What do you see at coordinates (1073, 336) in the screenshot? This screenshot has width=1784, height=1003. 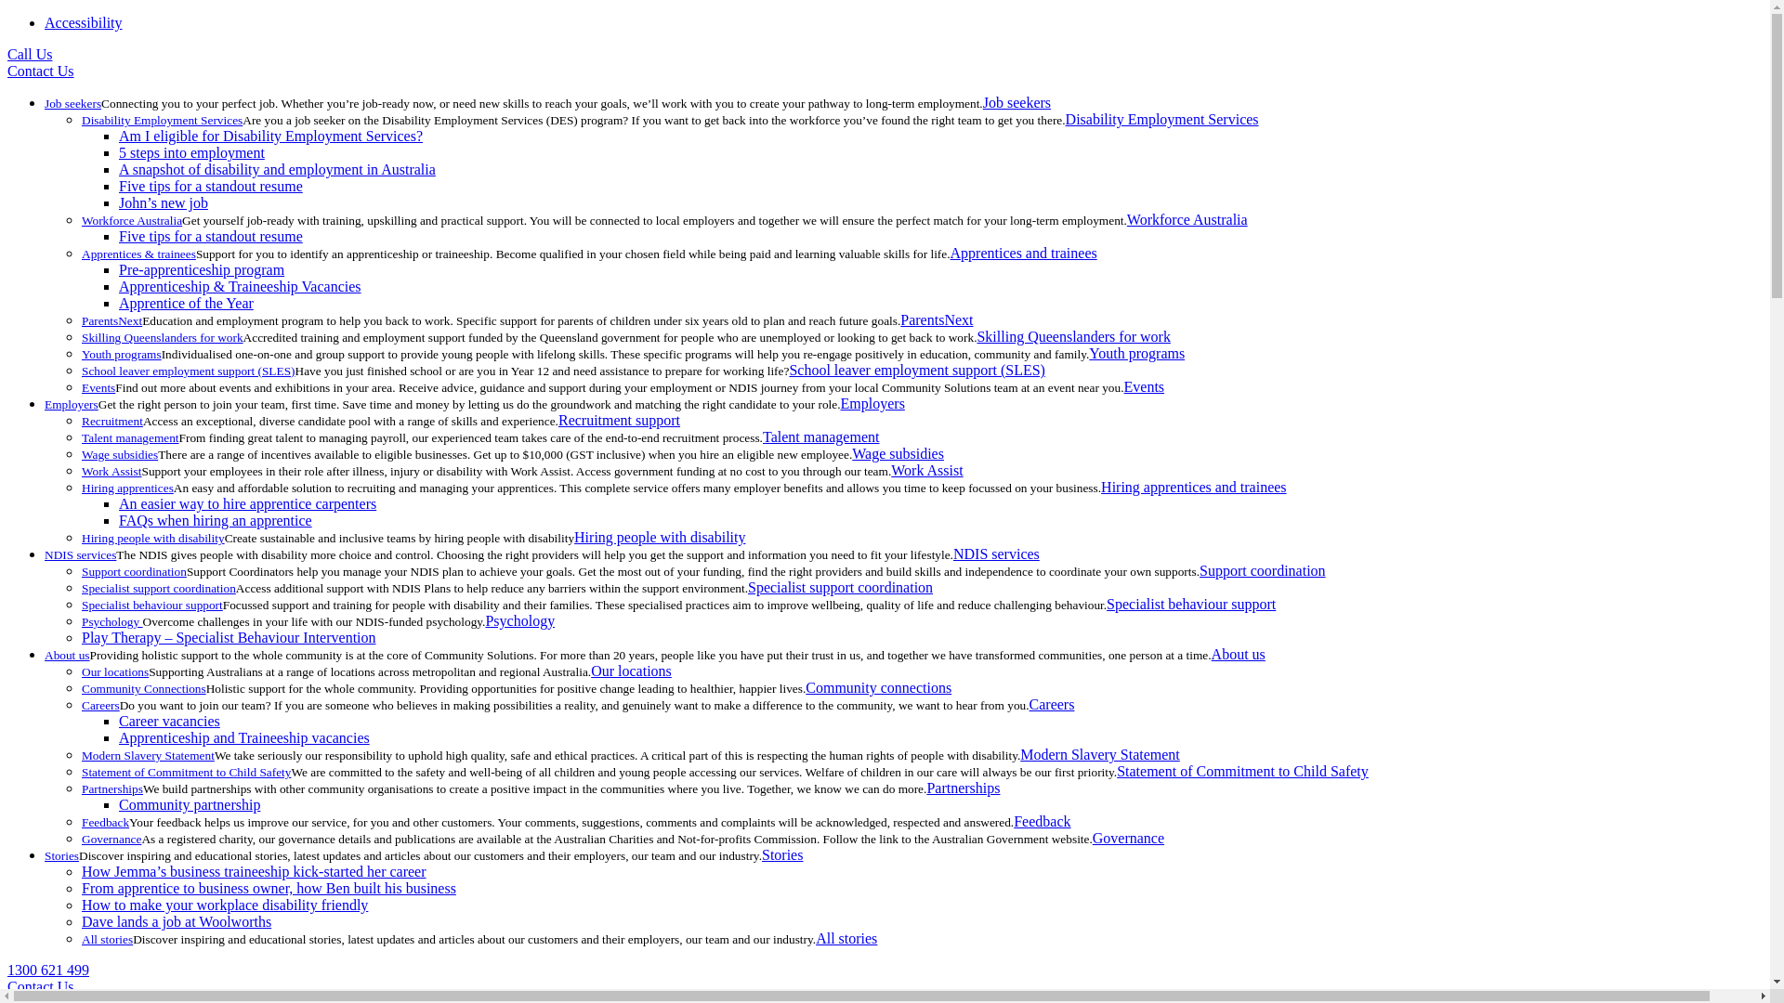 I see `'Skilling Queenslanders for work'` at bounding box center [1073, 336].